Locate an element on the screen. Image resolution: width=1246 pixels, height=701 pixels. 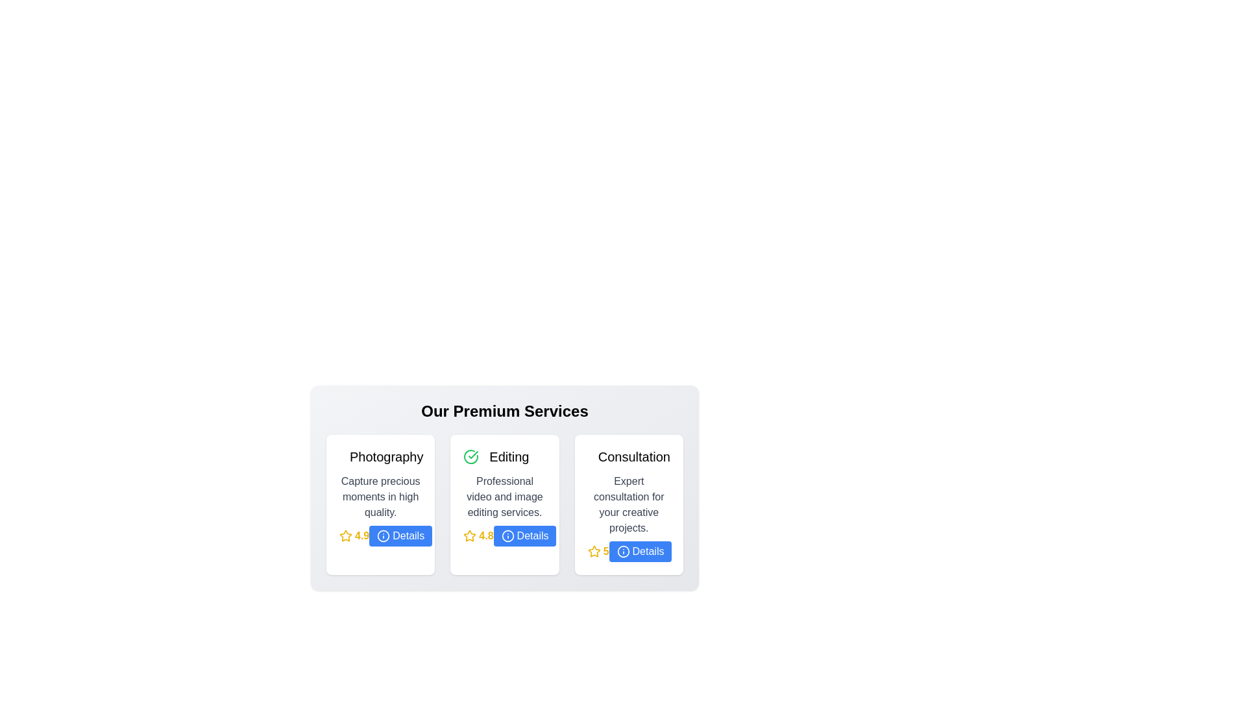
the service card for Photography to observe the hover effect is located at coordinates (380, 504).